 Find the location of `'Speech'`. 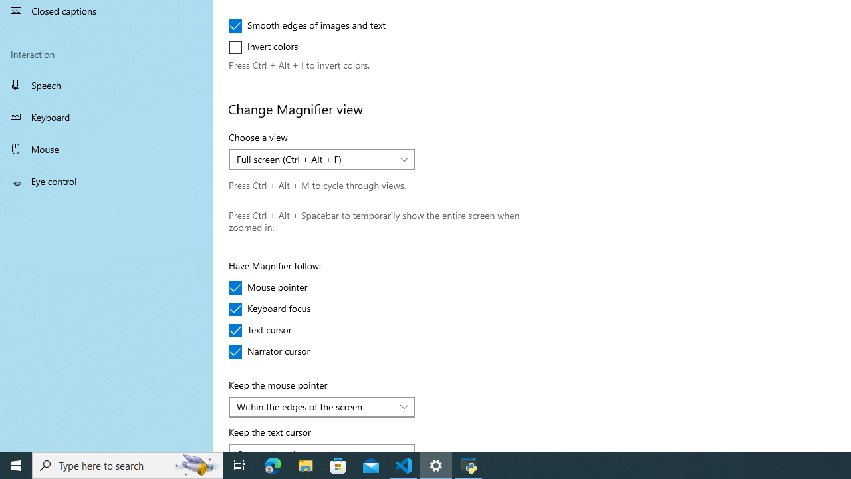

'Speech' is located at coordinates (106, 84).